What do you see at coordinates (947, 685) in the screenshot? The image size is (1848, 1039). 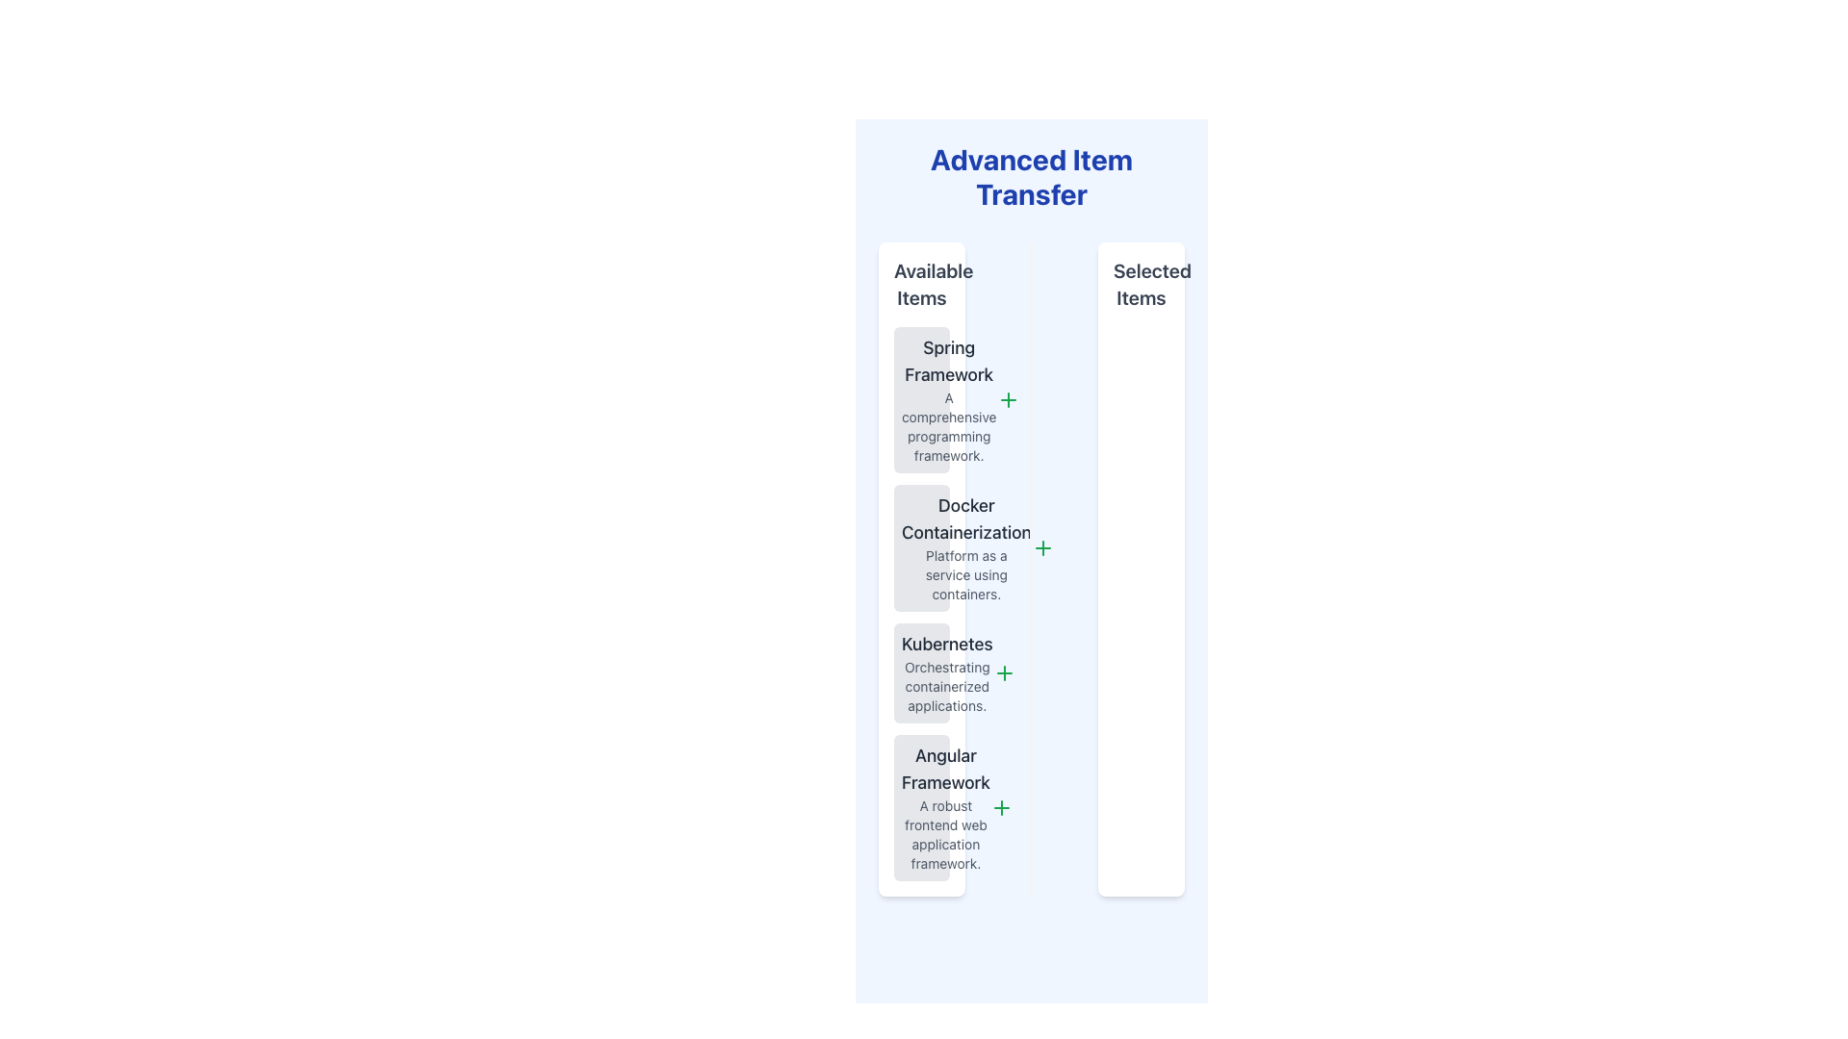 I see `descriptive text label located under the 'Kubernetes' title in the 'Available Items' column, positioned directly above the '+' icon` at bounding box center [947, 685].